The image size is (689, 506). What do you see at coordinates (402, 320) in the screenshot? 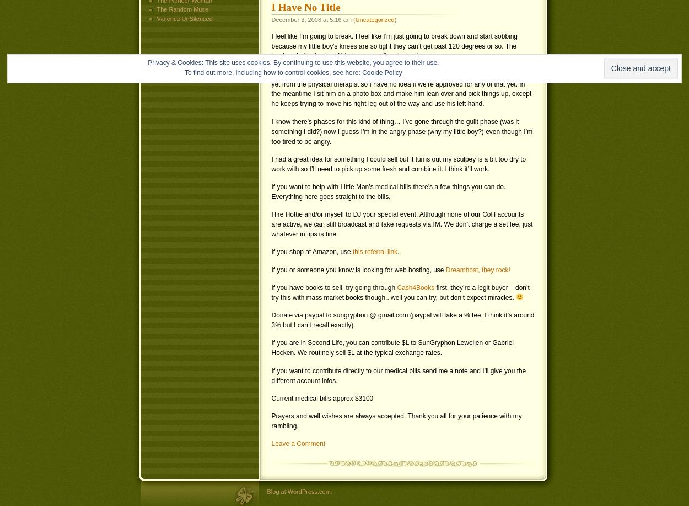
I see `'Donate via paypal to sungryphon @ gmail.com (paypal will take a % fee, I think it’s around 3% but I can’t recall exactly)'` at bounding box center [402, 320].